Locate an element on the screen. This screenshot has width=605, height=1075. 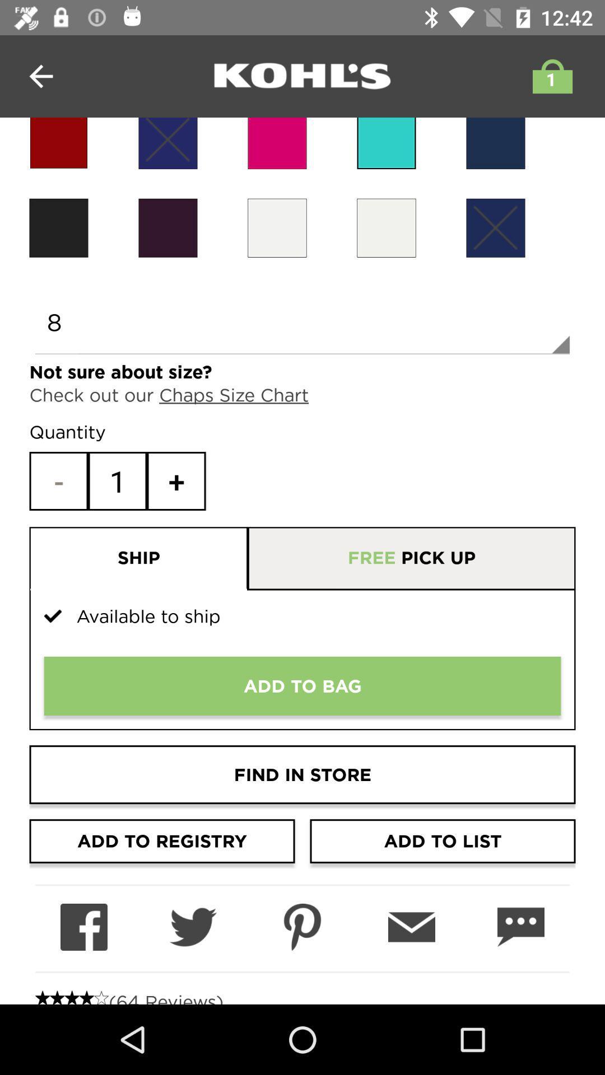
choose color is located at coordinates (386, 227).